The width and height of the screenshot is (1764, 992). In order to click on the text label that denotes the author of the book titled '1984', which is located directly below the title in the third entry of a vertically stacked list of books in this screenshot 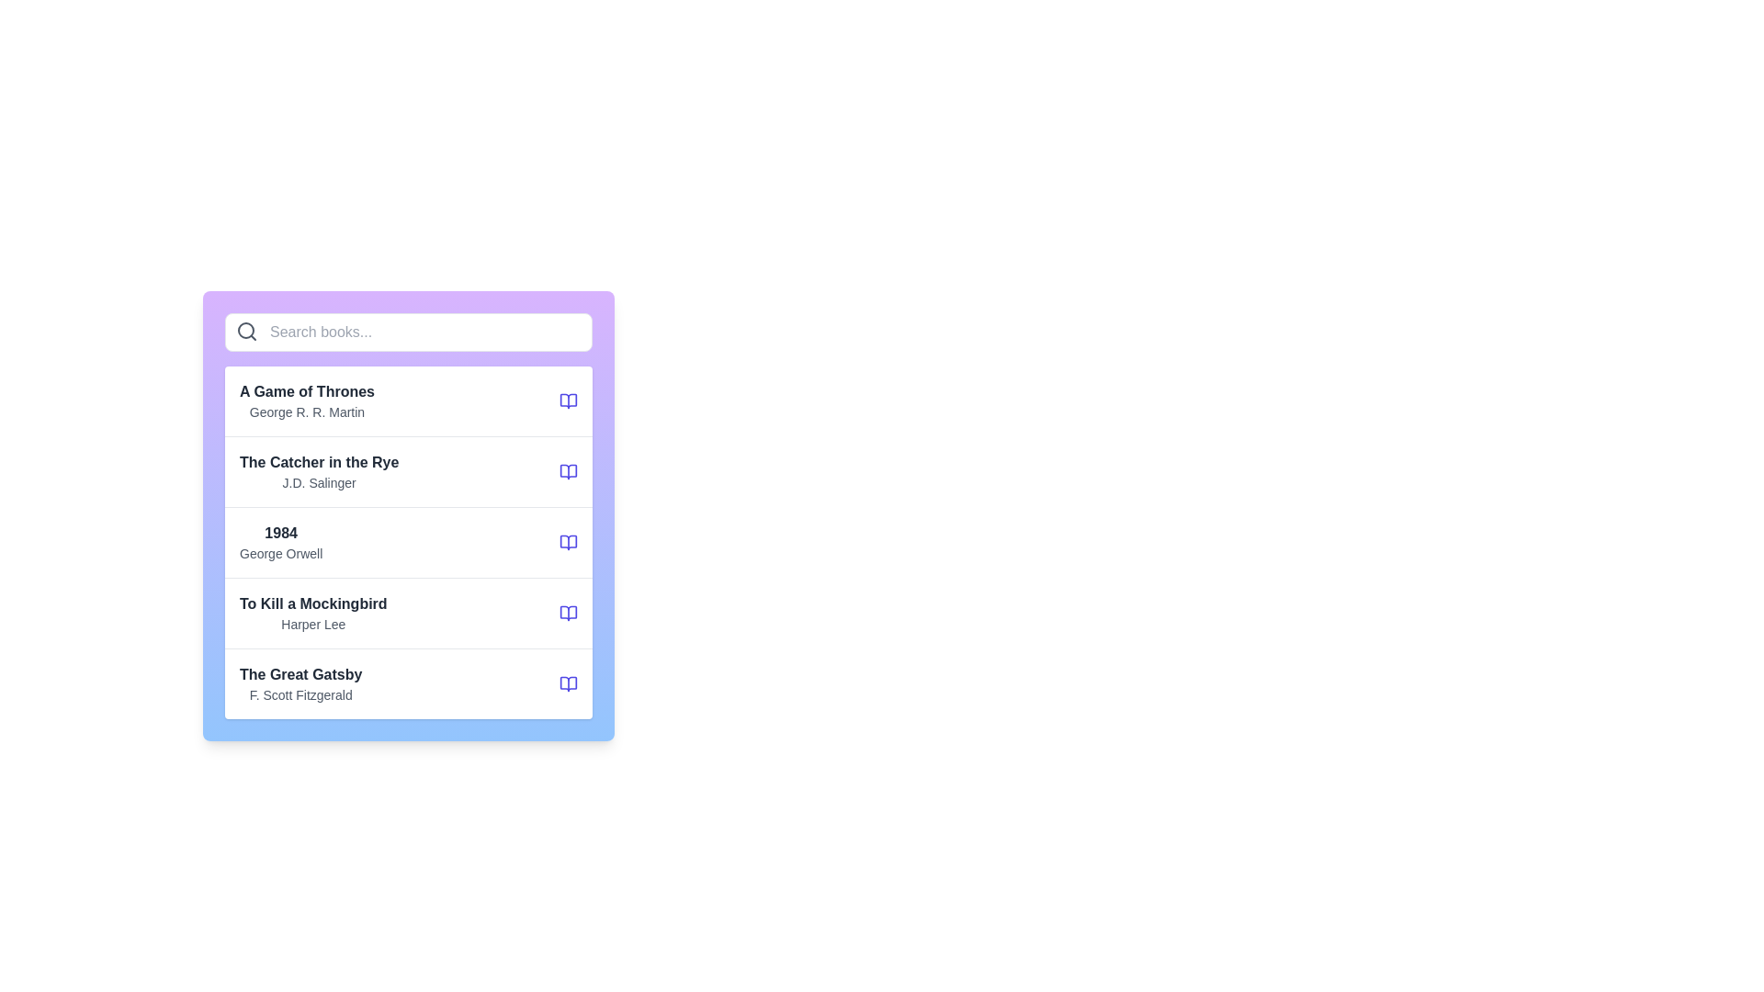, I will do `click(280, 552)`.